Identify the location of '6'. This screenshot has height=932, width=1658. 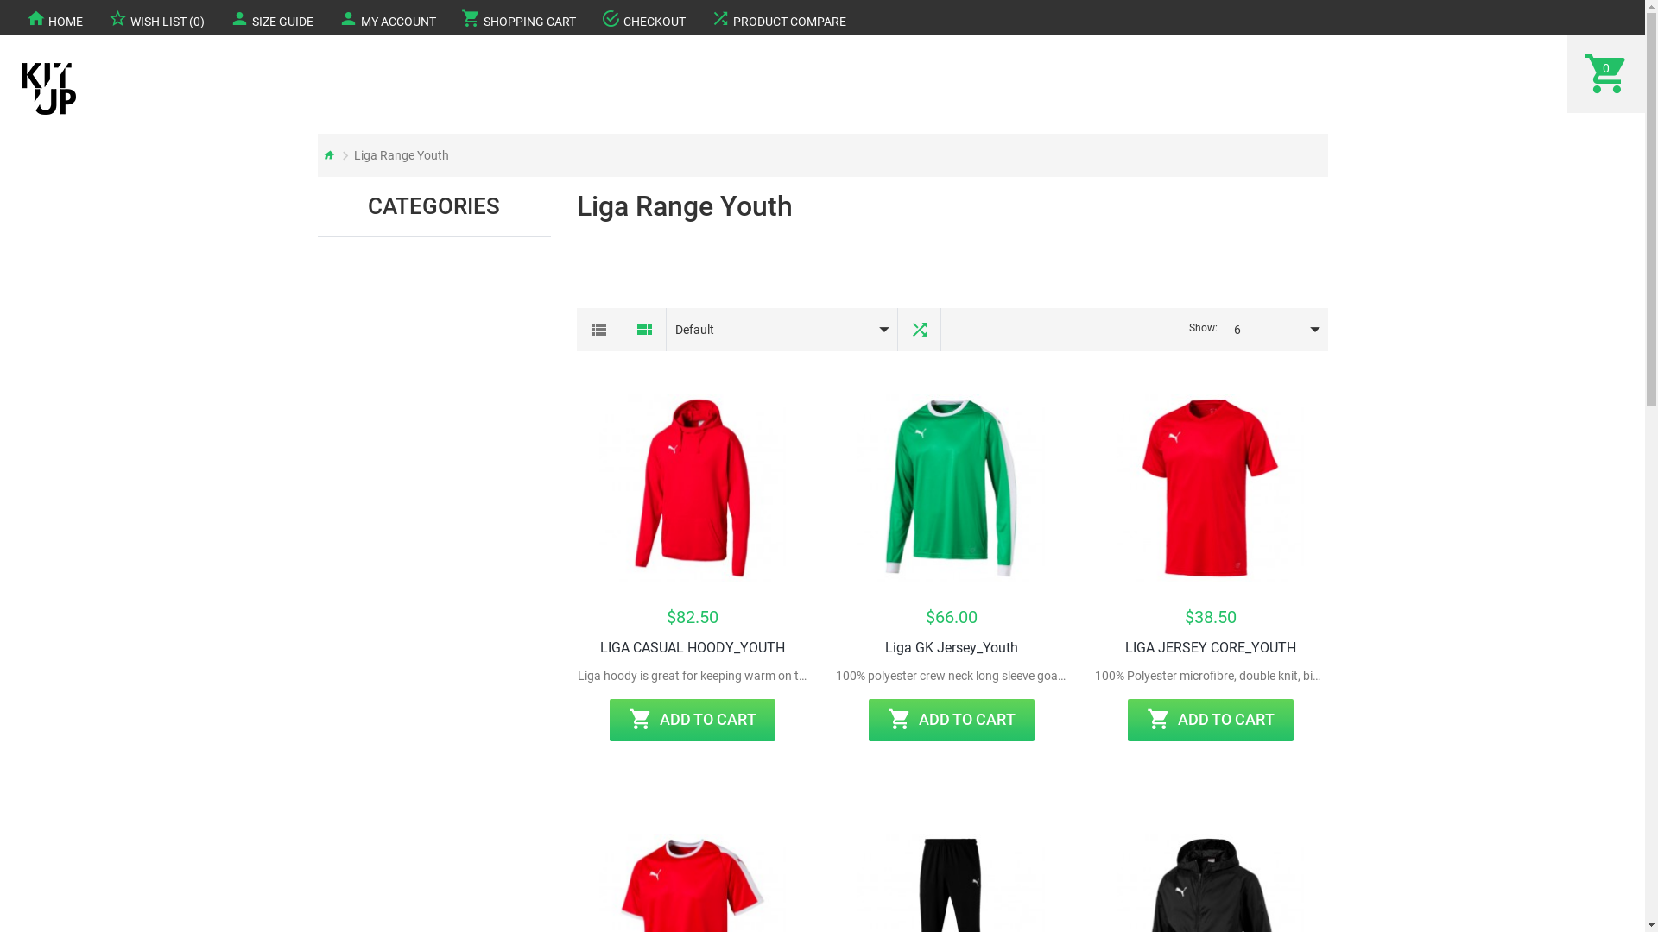
(1262, 329).